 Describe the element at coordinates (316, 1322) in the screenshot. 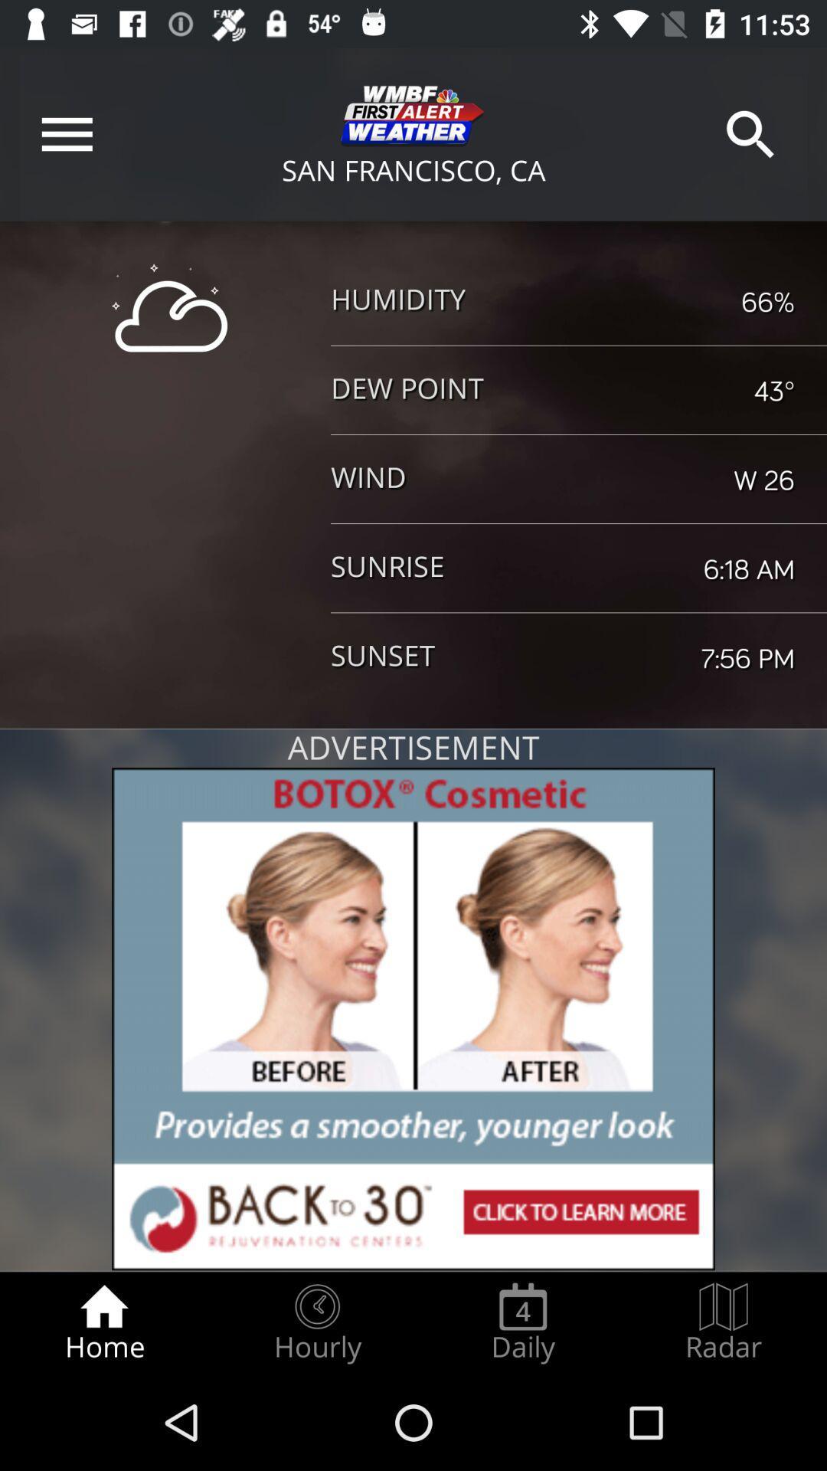

I see `the hourly` at that location.